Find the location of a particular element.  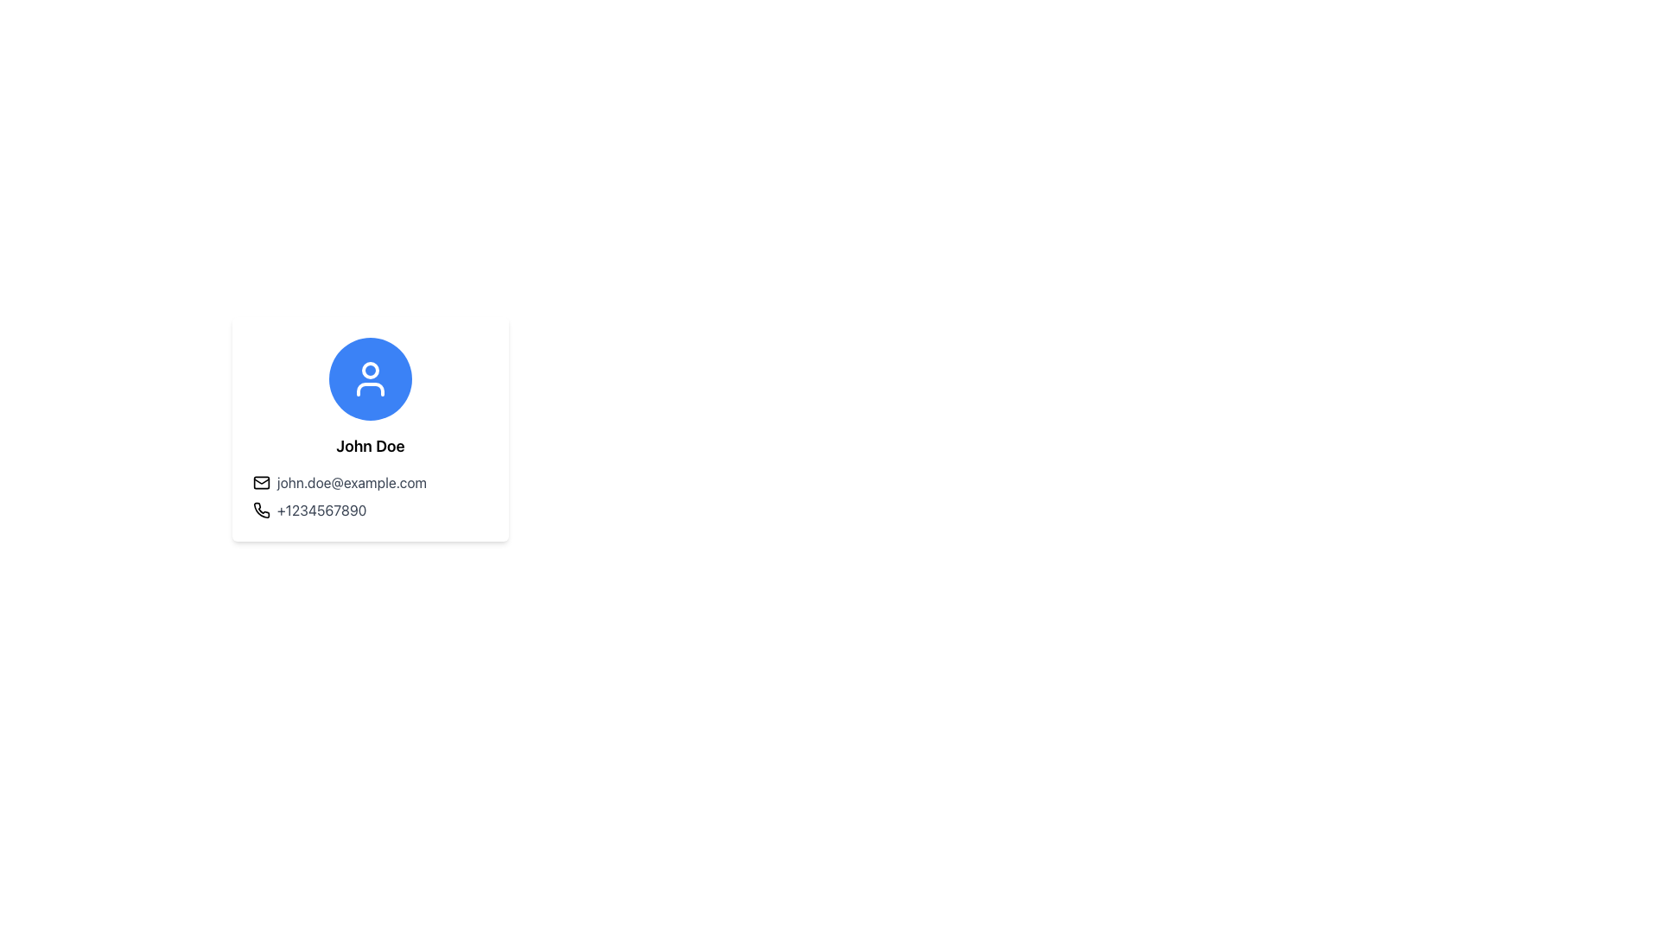

the user profile icon located centrally within a blue circular area at the top of a white rectangular card is located at coordinates (369, 378).